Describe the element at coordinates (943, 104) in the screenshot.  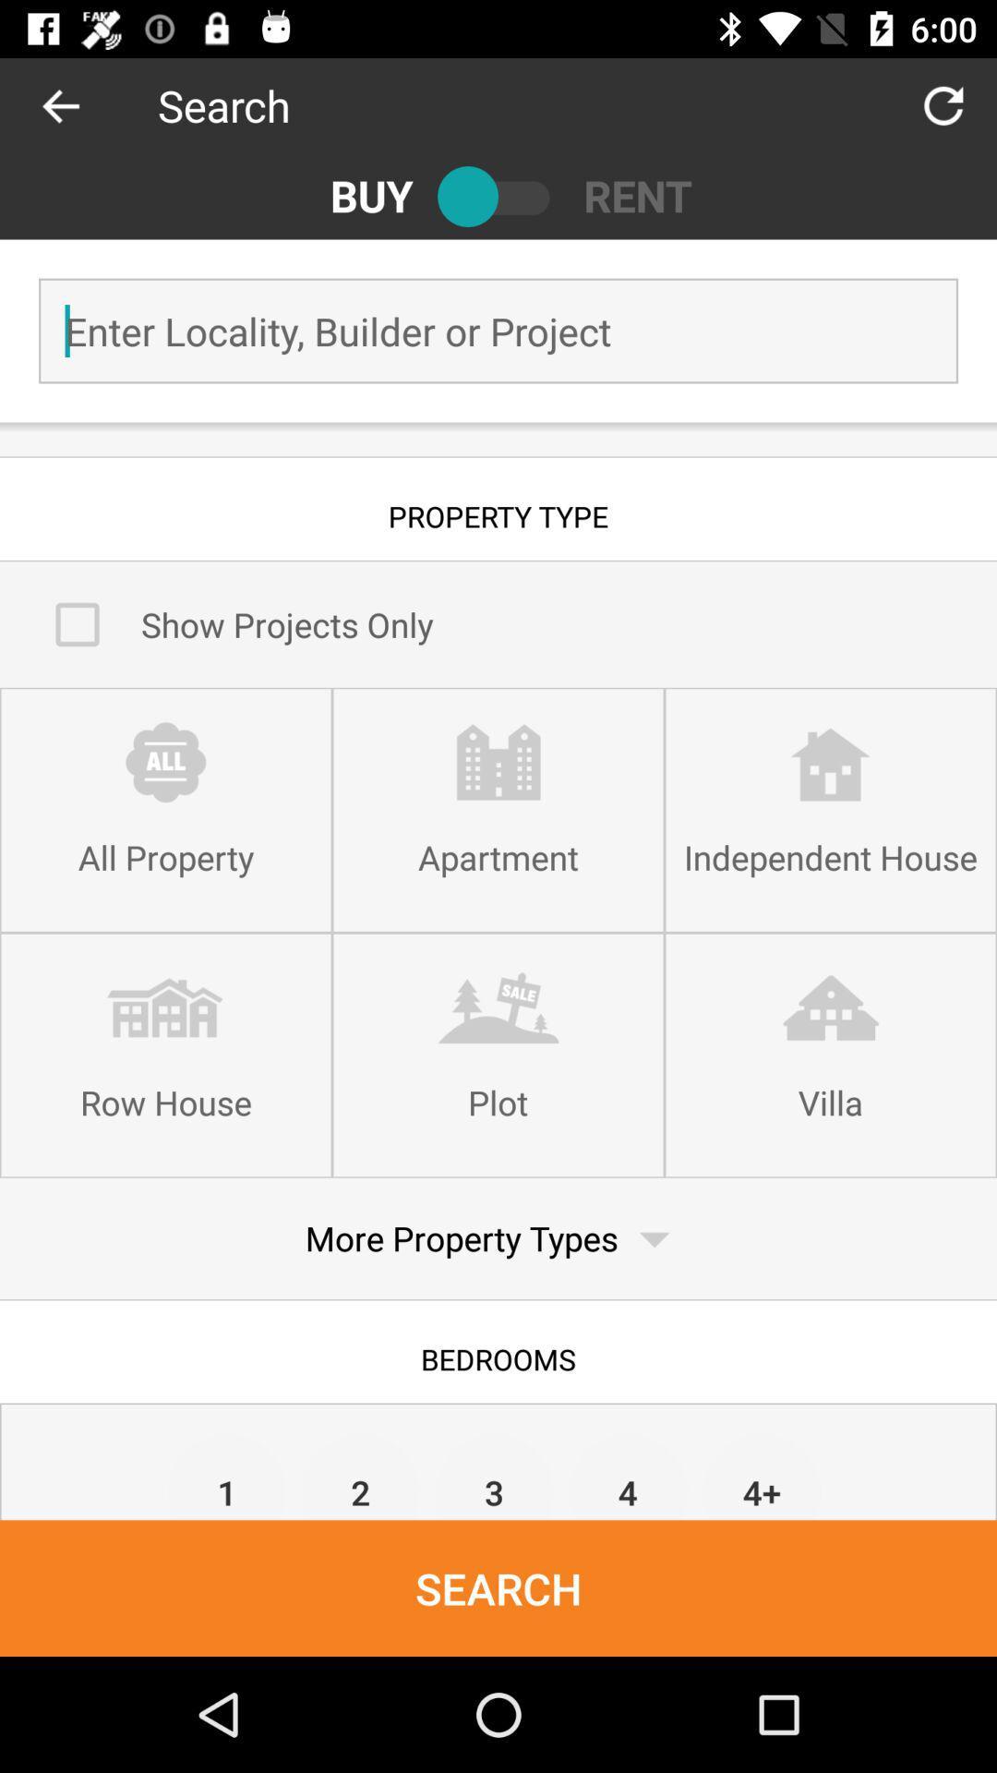
I see `refresh option` at that location.